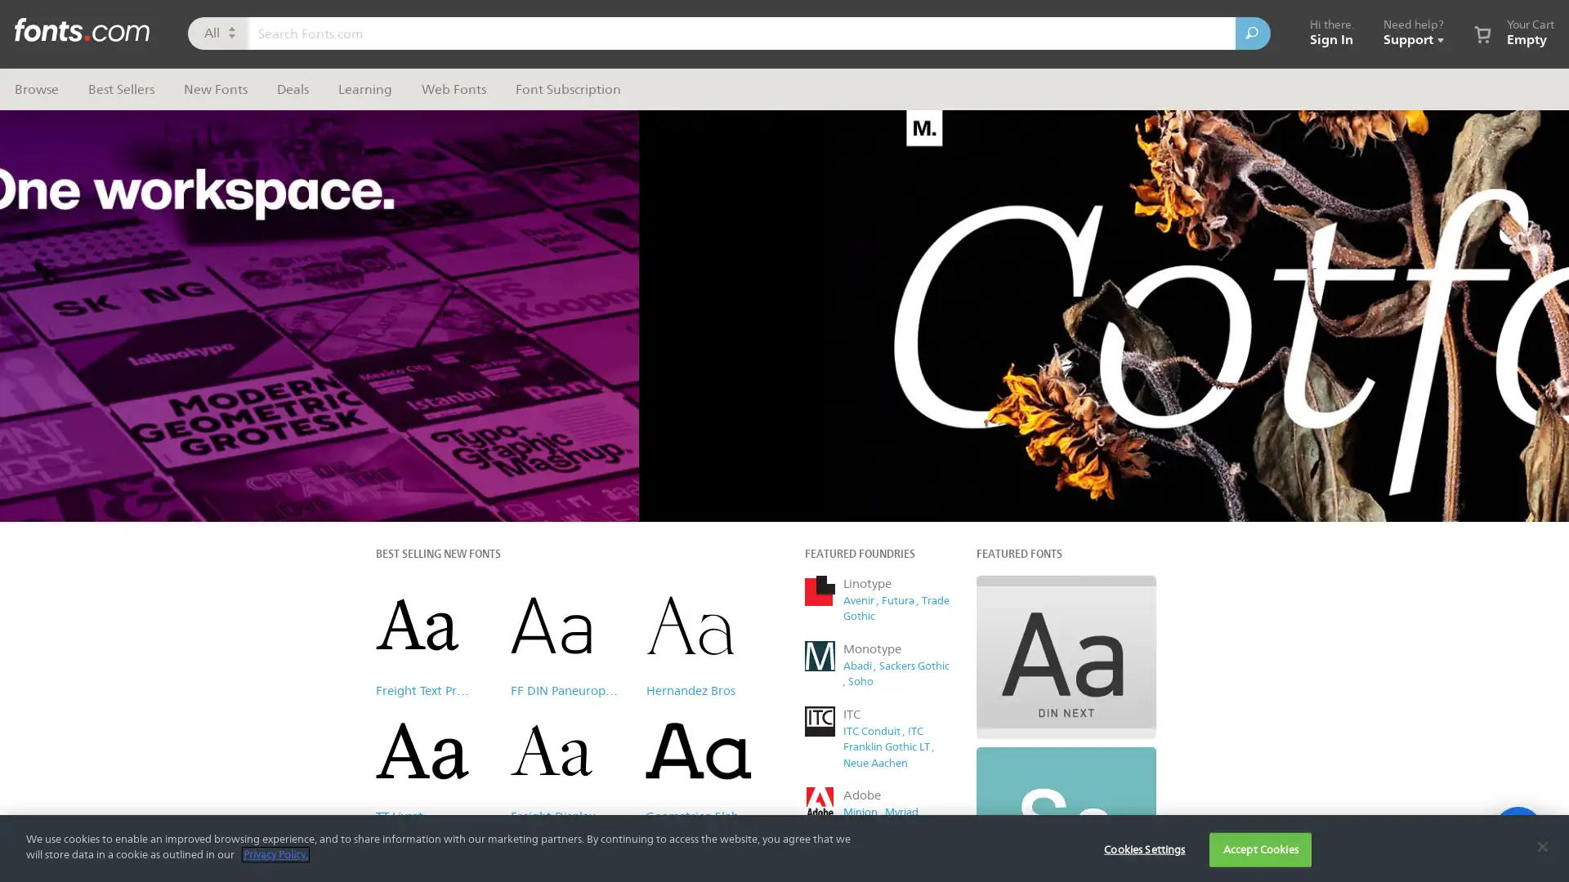 The width and height of the screenshot is (1569, 882). Describe the element at coordinates (1252, 33) in the screenshot. I see `Search` at that location.